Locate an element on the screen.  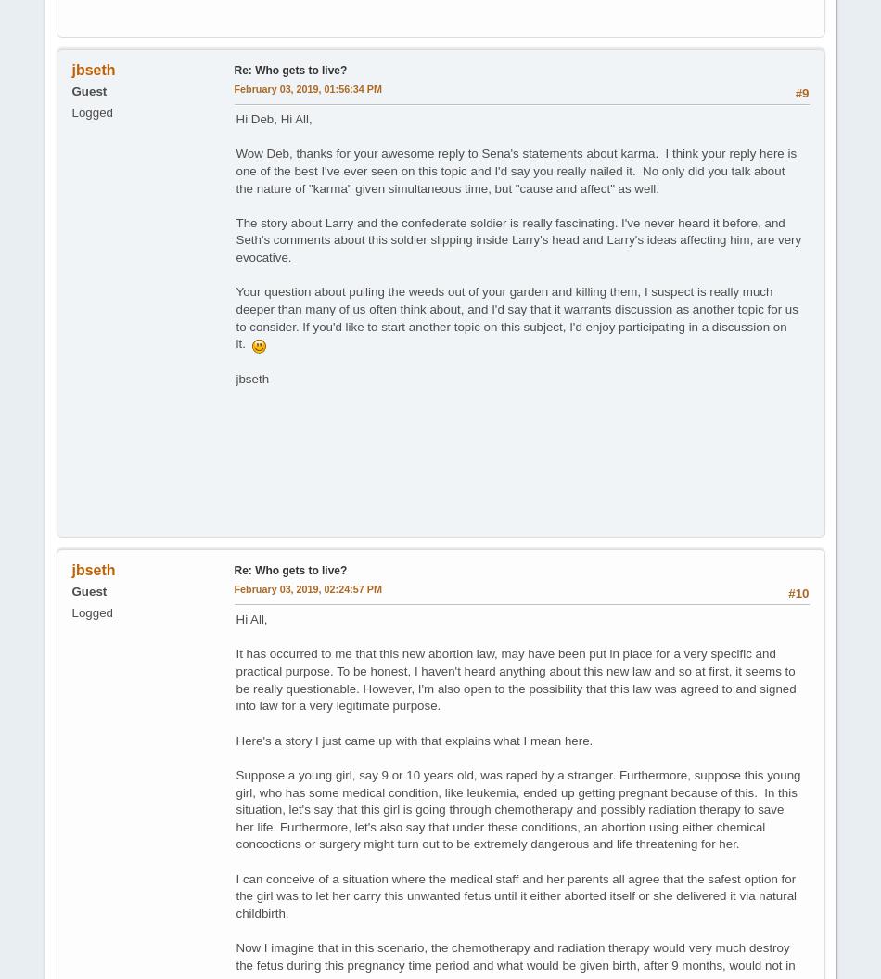
'The story about Larry and the confederate soldier is really fascinating. I've never heard it before, and Seth's comments about this soldier slipping inside Larry's head and Larry's ideas affecting him, are very evocative.' is located at coordinates (517, 239).